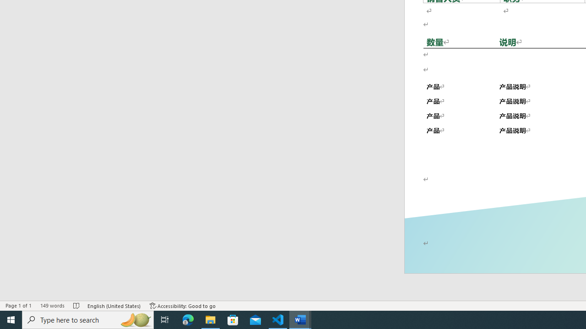 The image size is (586, 329). What do you see at coordinates (188, 319) in the screenshot?
I see `'Microsoft Edge'` at bounding box center [188, 319].